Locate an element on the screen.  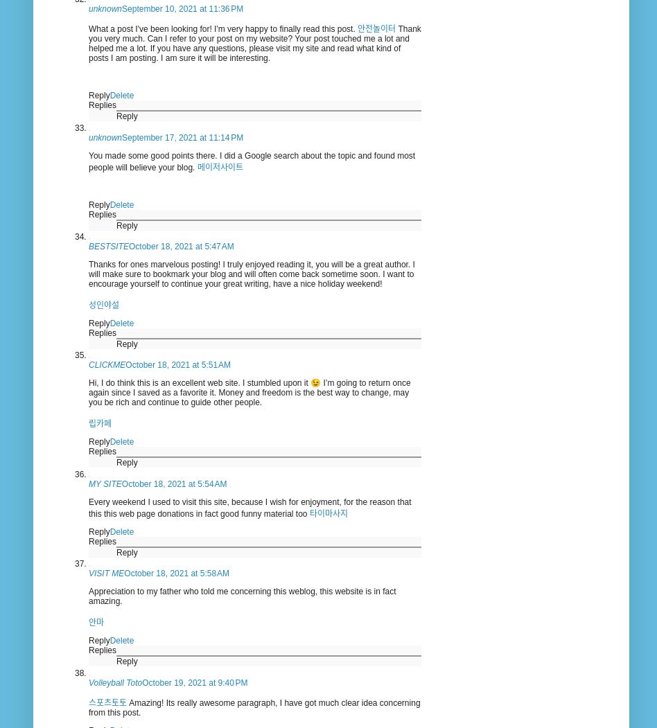
'Amazing! Its really awesome paragraph, I have got much clear idea concerning from this post.' is located at coordinates (253, 707).